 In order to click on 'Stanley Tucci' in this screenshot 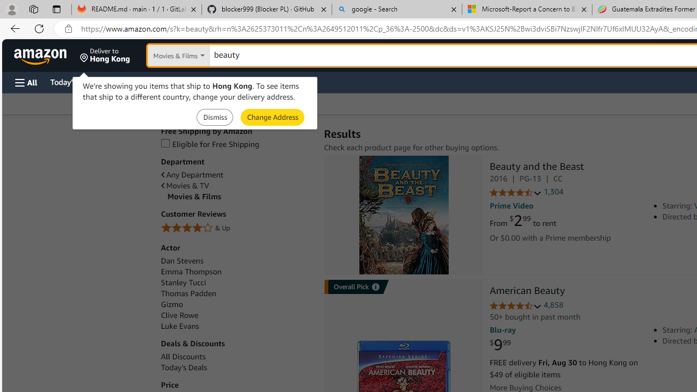, I will do `click(183, 282)`.